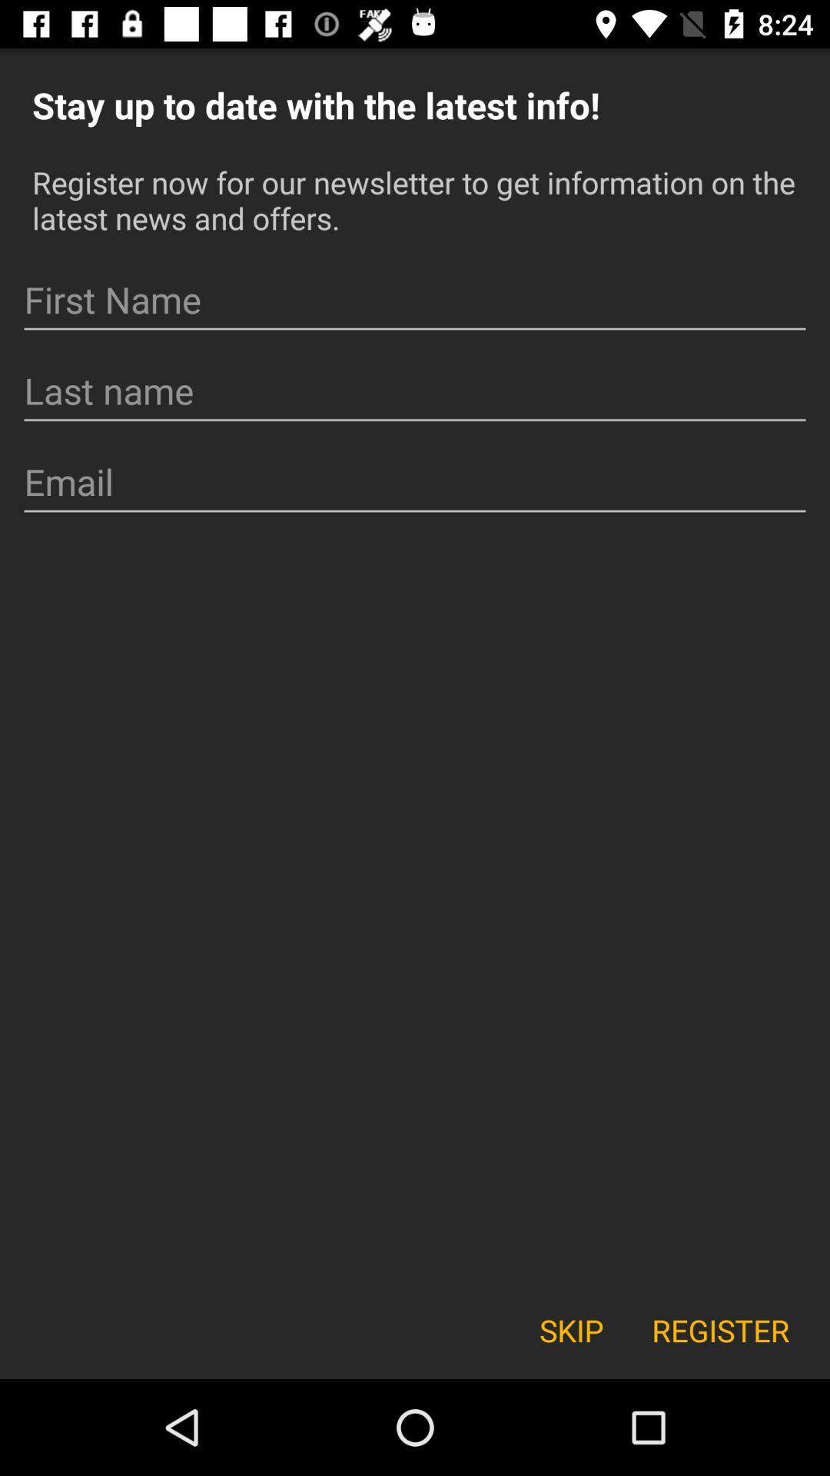 This screenshot has height=1476, width=830. What do you see at coordinates (571, 1330) in the screenshot?
I see `icon next to register` at bounding box center [571, 1330].